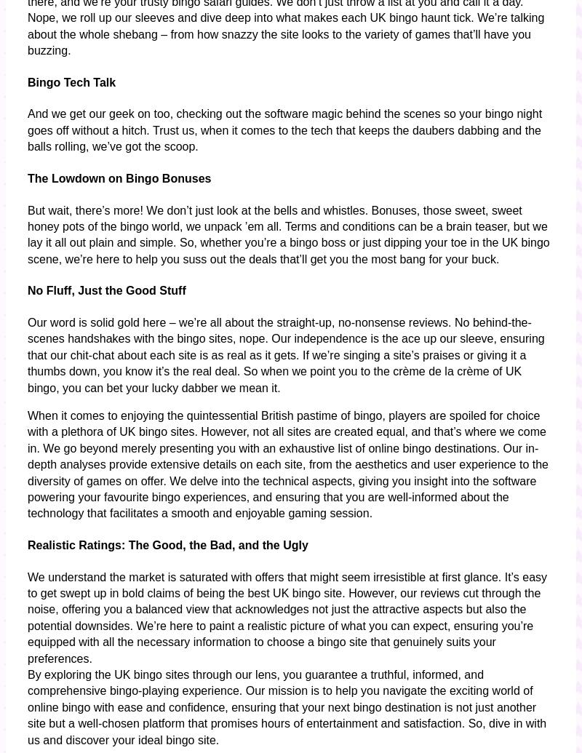 Image resolution: width=582 pixels, height=753 pixels. What do you see at coordinates (285, 355) in the screenshot?
I see `'Our word is solid gold here – we’re all about the straight-up, no-nonsense reviews. No behind-the-scenes handshakes with the bingo sites, nope. Our independence is the ace up our sleeve, ensuring that our chit-chat about each site is as real as it gets. If we’re singing a site’s praises or giving it a thumbs down, you know it’s the real deal. So when we point you to the crème de la crème of UK bingo, you can bet your lucky dabber we mean it.'` at bounding box center [285, 355].